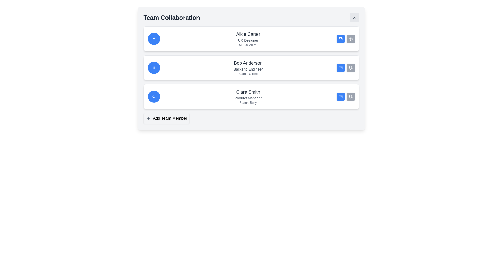  Describe the element at coordinates (248, 34) in the screenshot. I see `the area adjacent to the text label 'Alice Carter', which is positioned in the first row of the 'Team Collaboration' list` at that location.